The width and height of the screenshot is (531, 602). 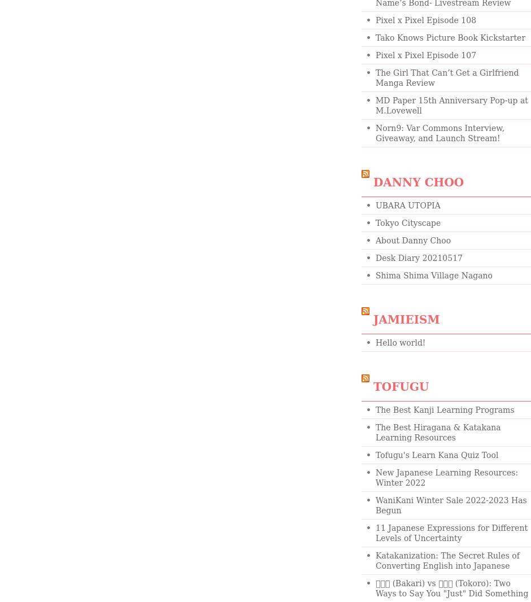 I want to click on 'The Best Hiragana & Katakana Learning Resources', so click(x=437, y=432).